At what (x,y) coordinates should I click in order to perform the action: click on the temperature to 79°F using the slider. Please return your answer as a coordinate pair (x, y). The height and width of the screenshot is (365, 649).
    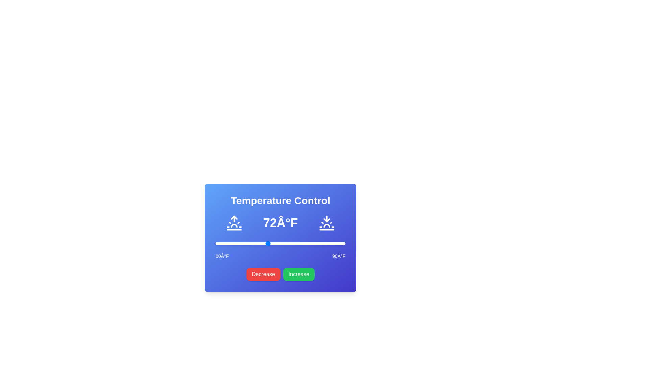
    Looking at the image, I should click on (297, 244).